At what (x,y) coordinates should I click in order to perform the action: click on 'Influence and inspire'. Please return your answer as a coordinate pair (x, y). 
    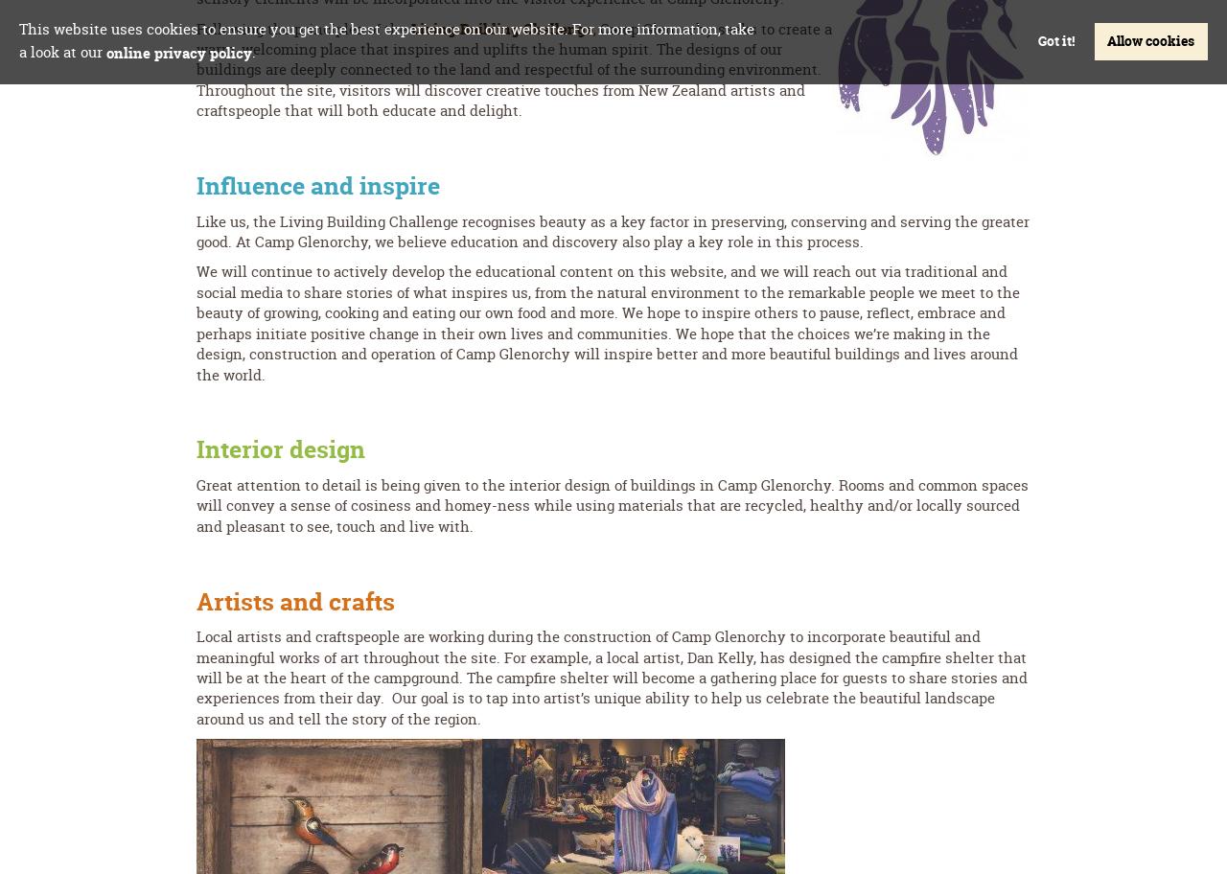
    Looking at the image, I should click on (197, 184).